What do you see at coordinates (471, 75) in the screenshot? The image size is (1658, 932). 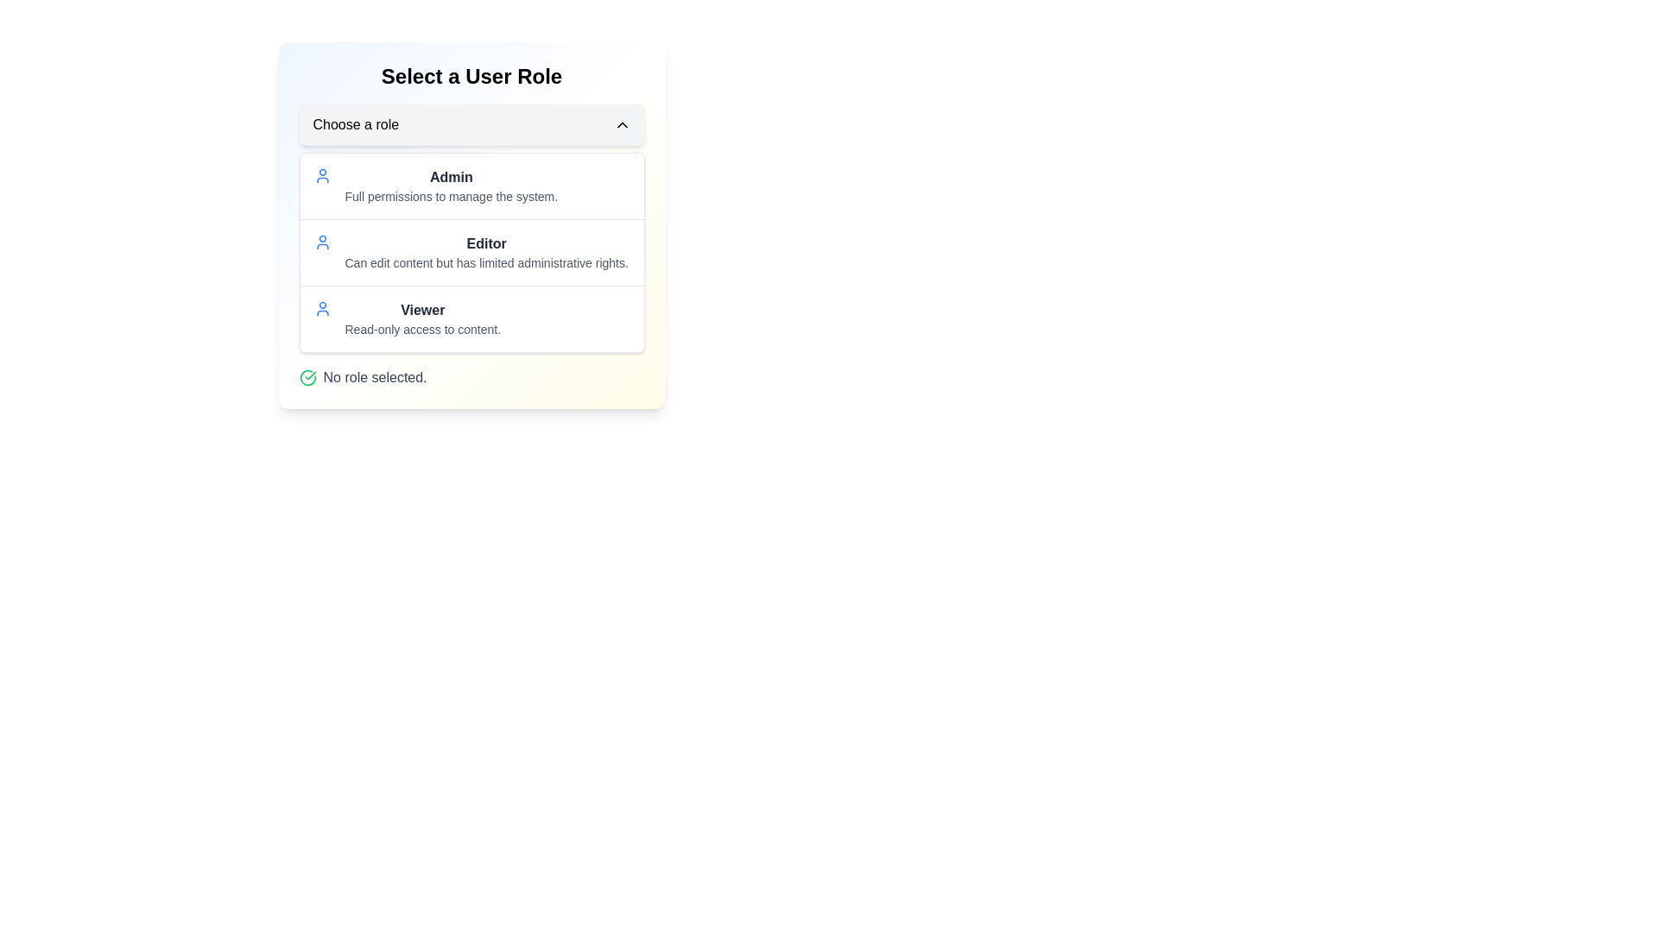 I see `the Text Header that says 'Select a User Role', which is styled with bold and large font size and positioned at the top of the interface` at bounding box center [471, 75].